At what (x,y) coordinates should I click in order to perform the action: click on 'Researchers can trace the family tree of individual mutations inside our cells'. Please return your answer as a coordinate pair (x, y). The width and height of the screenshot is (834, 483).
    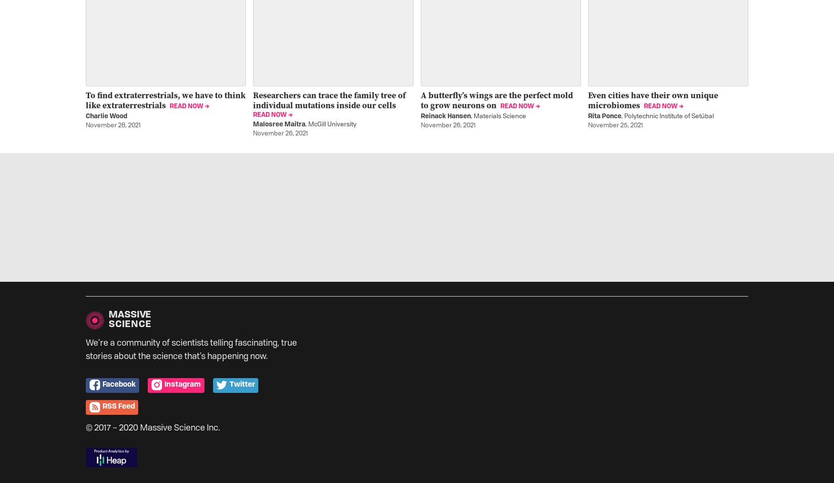
    Looking at the image, I should click on (252, 99).